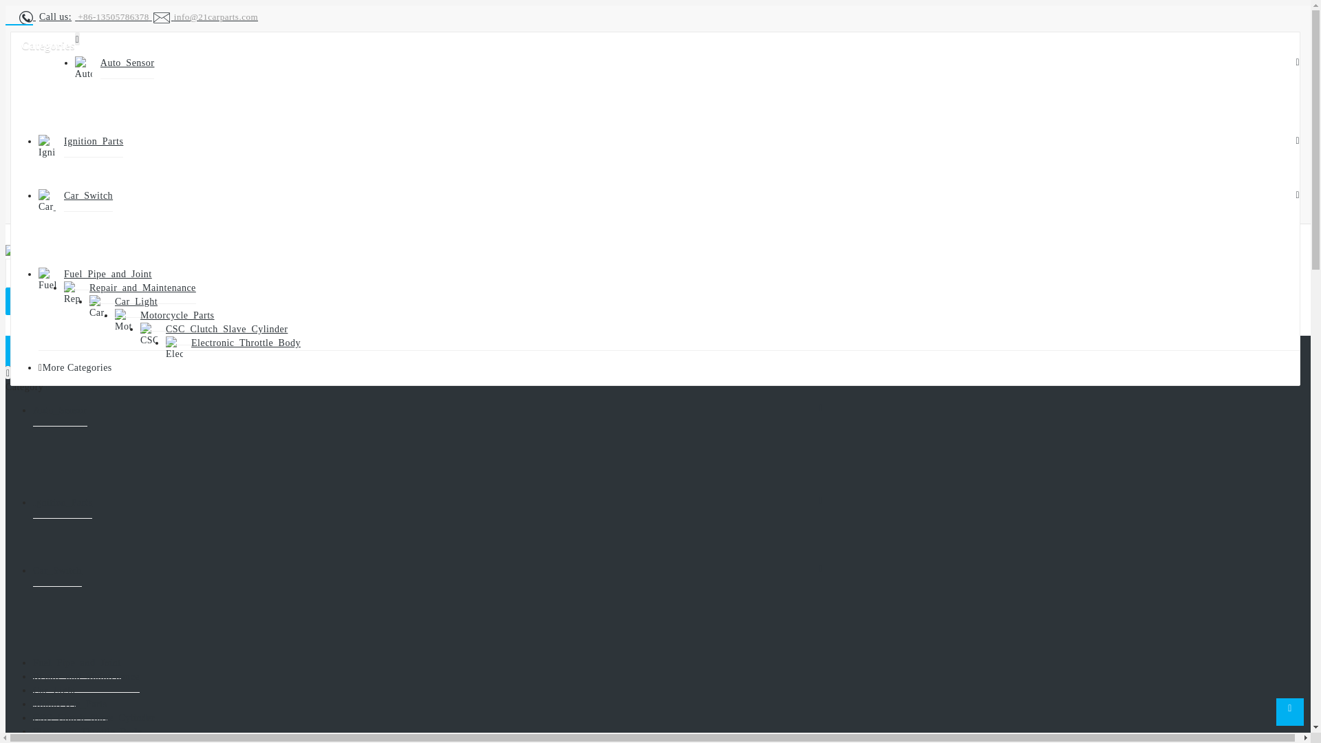  What do you see at coordinates (109, 211) in the screenshot?
I see `'Wish List (0)'` at bounding box center [109, 211].